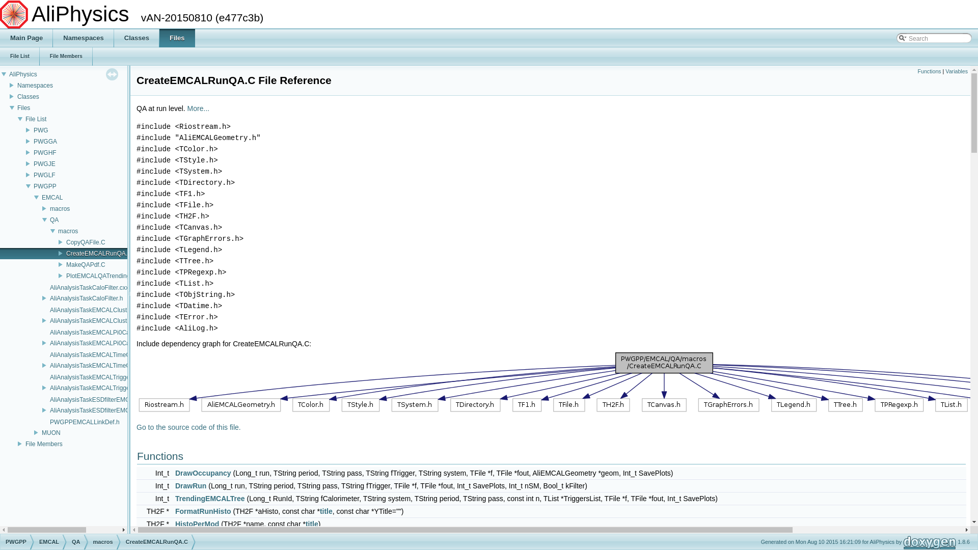  Describe the element at coordinates (56, 231) in the screenshot. I see `'macros'` at that location.